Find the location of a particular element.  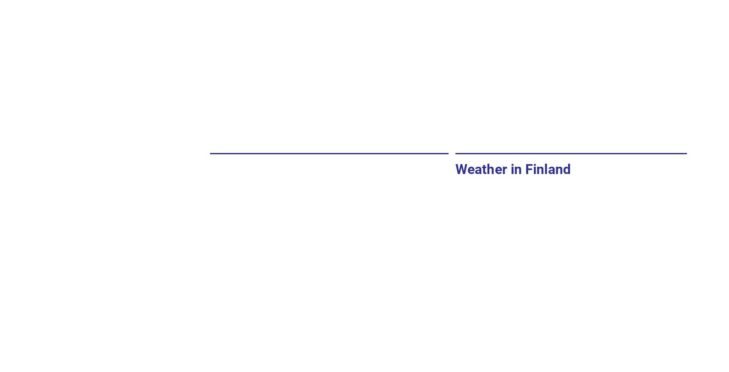

'Day after tomorrow' is located at coordinates (618, 195).